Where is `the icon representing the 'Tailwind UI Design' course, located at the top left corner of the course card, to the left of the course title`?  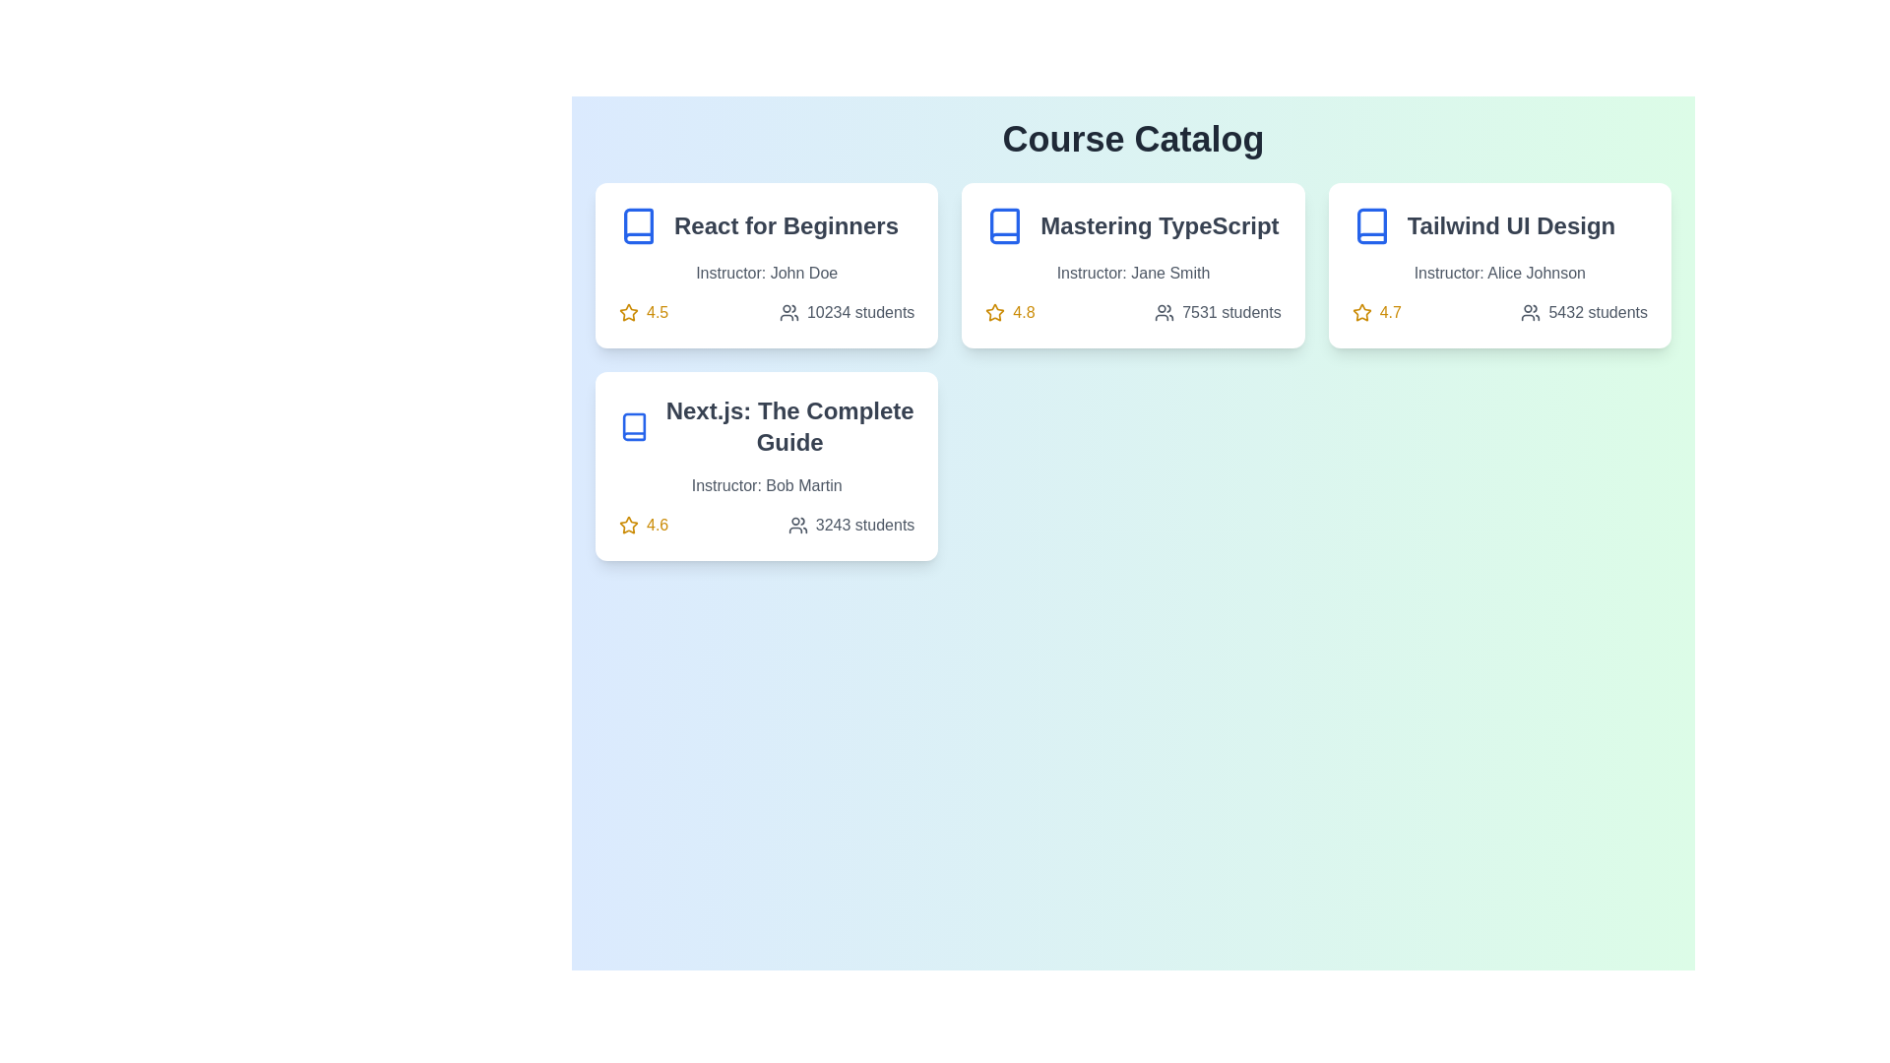 the icon representing the 'Tailwind UI Design' course, located at the top left corner of the course card, to the left of the course title is located at coordinates (1370, 225).